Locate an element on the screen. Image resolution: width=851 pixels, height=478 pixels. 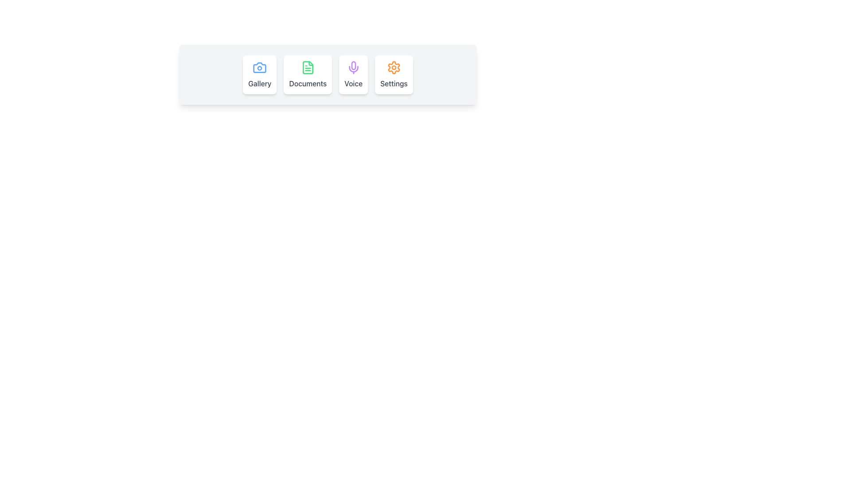
the second button in a group of four, which is positioned between the 'Gallery' and 'Voice' buttons is located at coordinates (308, 74).